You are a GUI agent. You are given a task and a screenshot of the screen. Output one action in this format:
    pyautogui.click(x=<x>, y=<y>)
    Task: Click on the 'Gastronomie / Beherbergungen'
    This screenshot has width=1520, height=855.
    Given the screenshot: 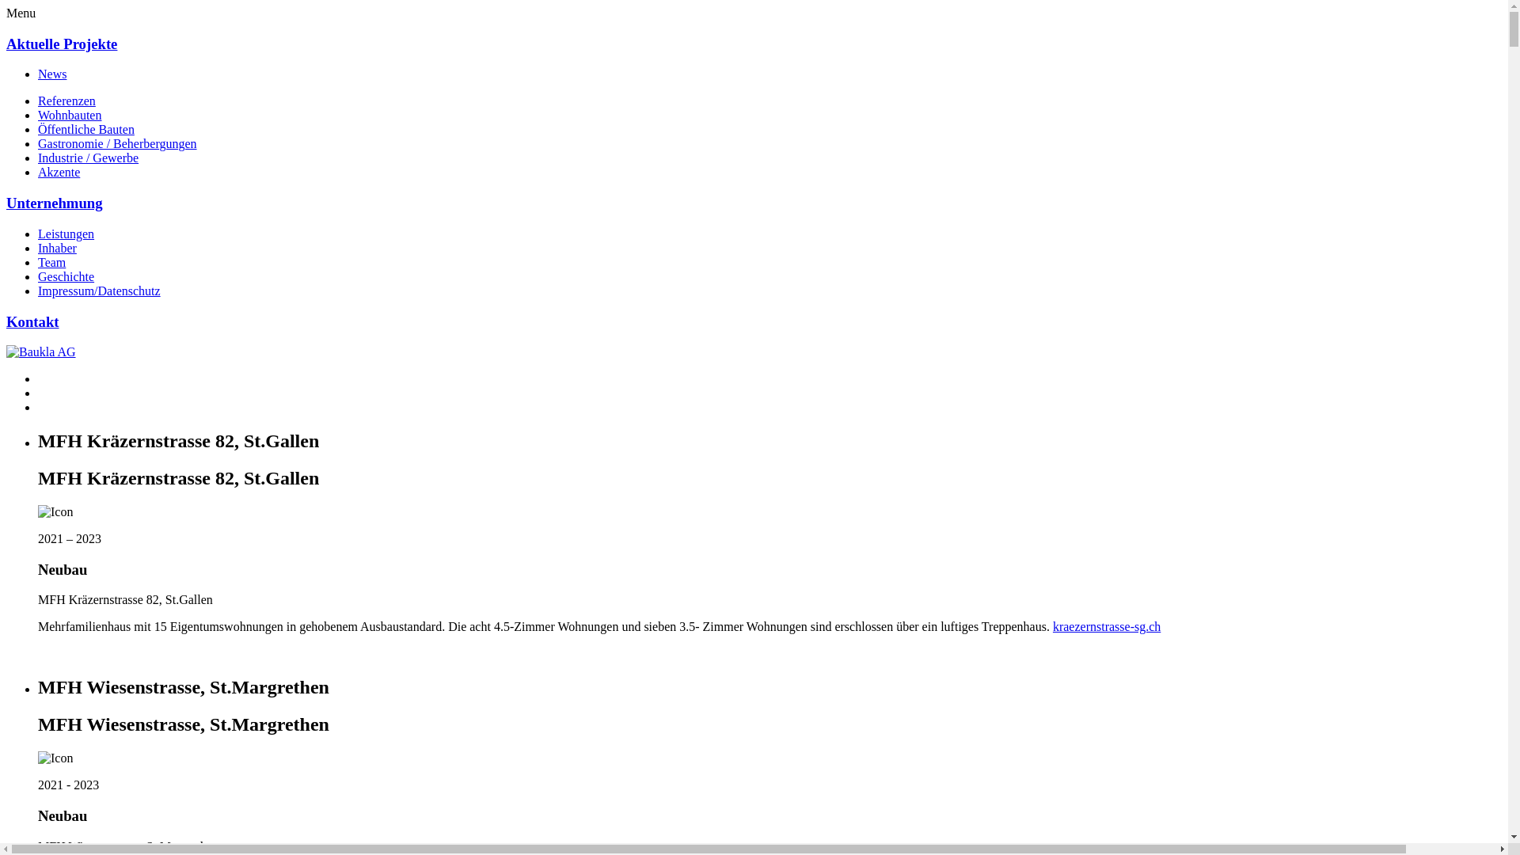 What is the action you would take?
    pyautogui.click(x=116, y=143)
    